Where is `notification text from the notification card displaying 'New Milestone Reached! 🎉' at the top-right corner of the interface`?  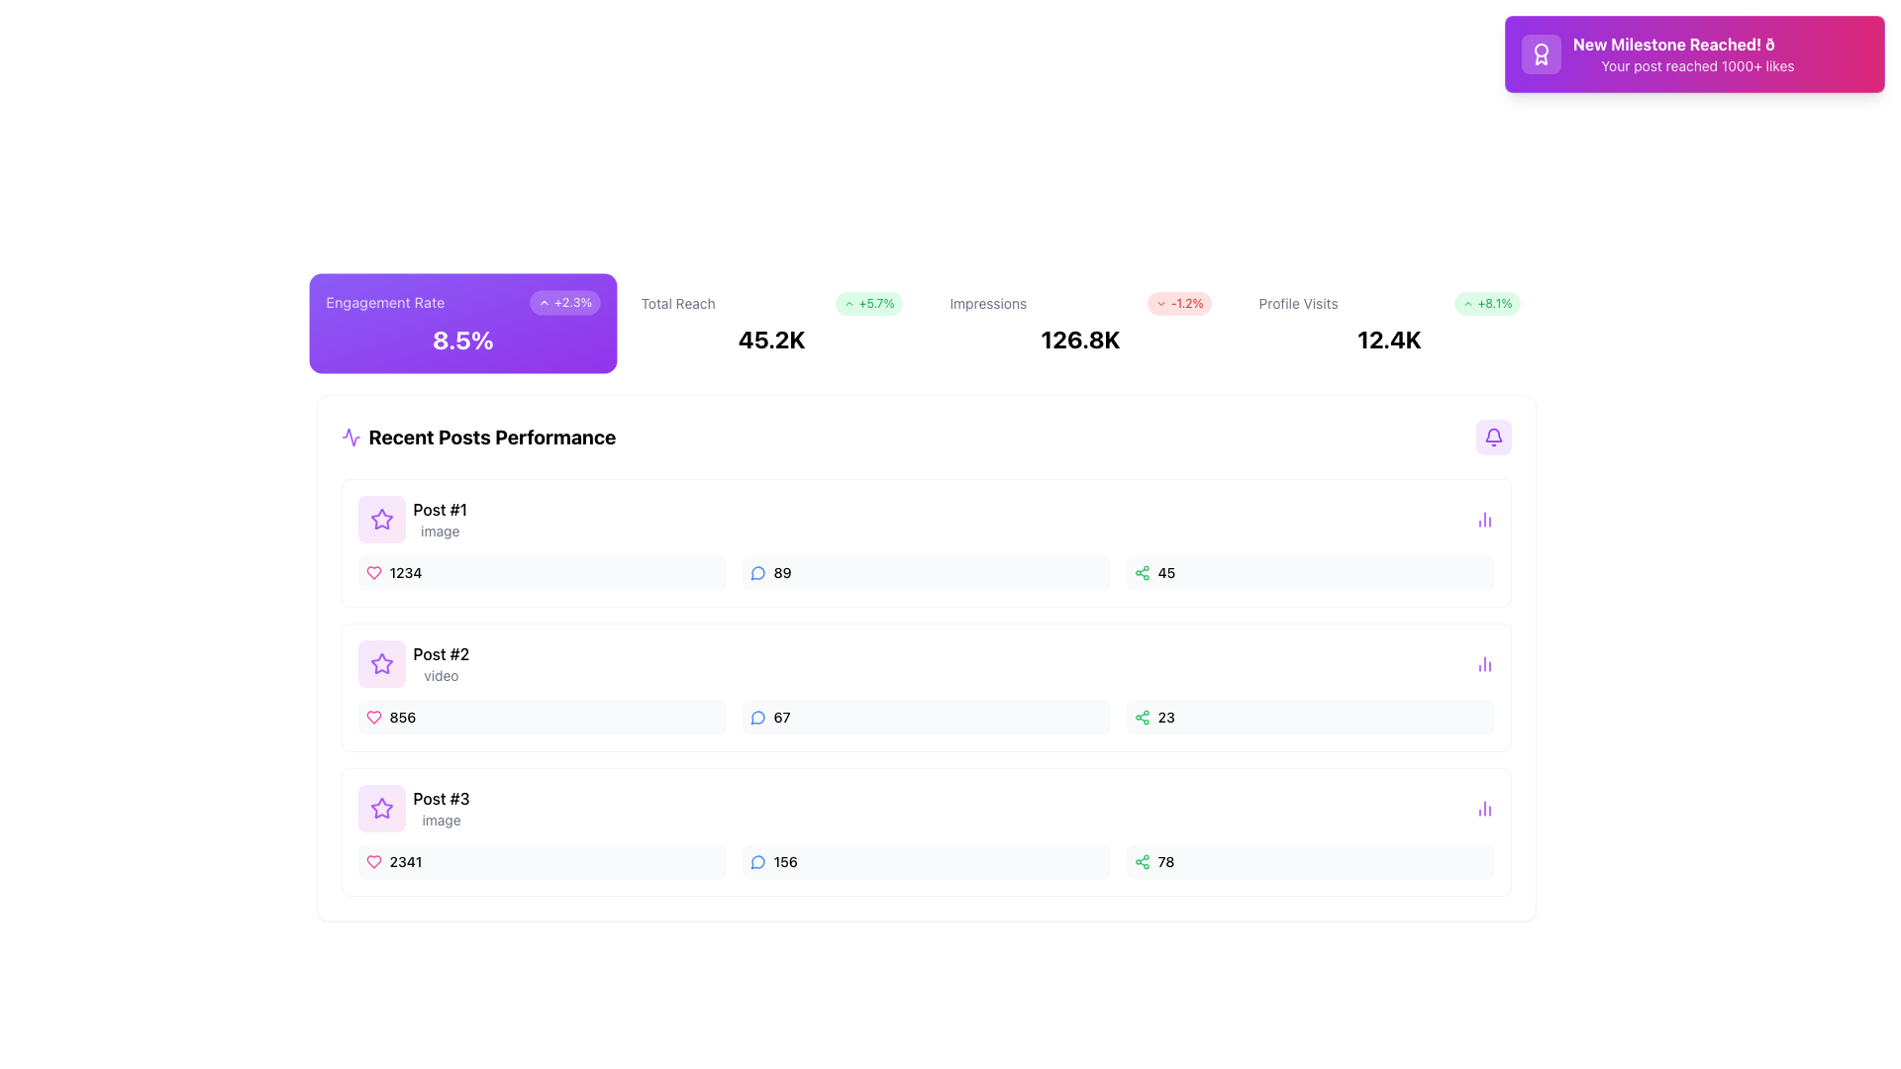
notification text from the notification card displaying 'New Milestone Reached! 🎉' at the top-right corner of the interface is located at coordinates (1694, 52).